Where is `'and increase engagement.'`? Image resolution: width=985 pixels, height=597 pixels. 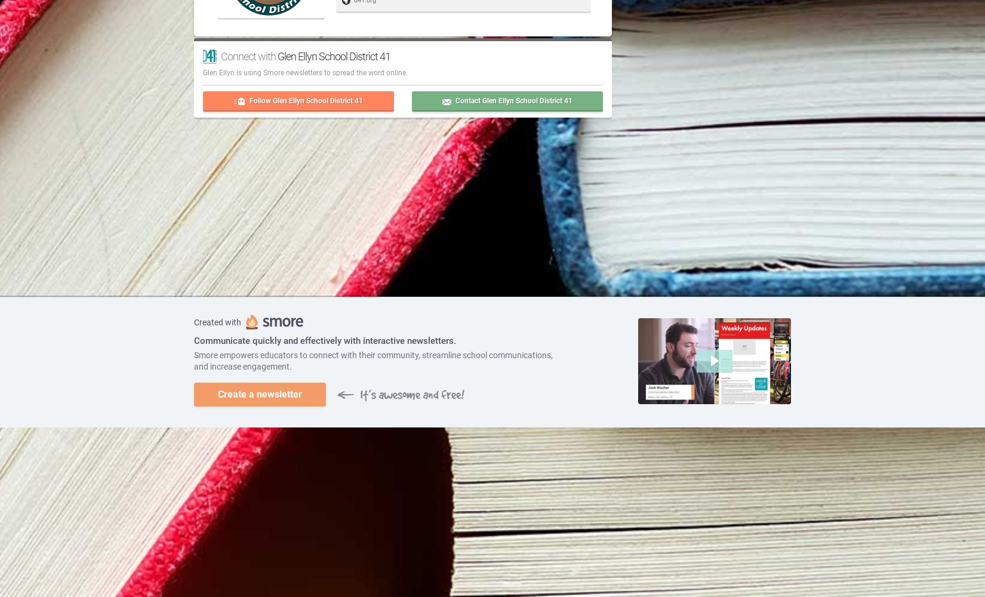
'and increase engagement.' is located at coordinates (243, 366).